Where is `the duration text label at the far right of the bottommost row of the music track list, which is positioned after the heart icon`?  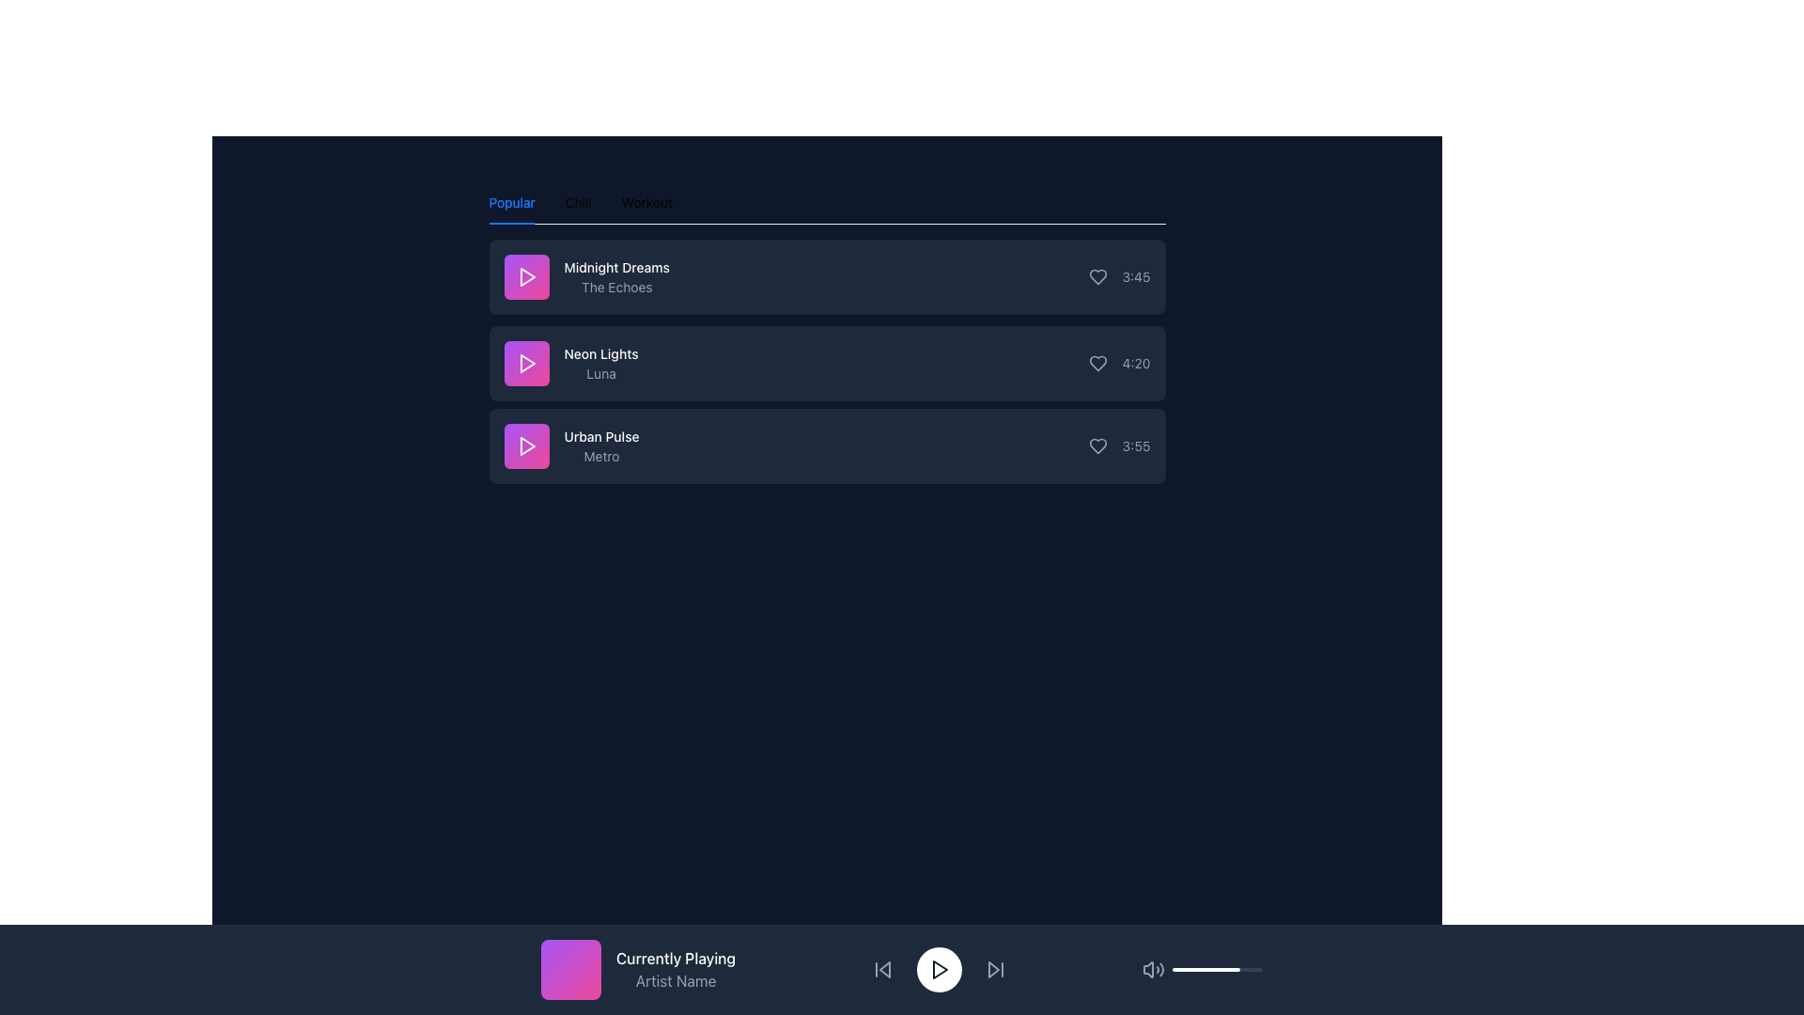
the duration text label at the far right of the bottommost row of the music track list, which is positioned after the heart icon is located at coordinates (1135, 445).